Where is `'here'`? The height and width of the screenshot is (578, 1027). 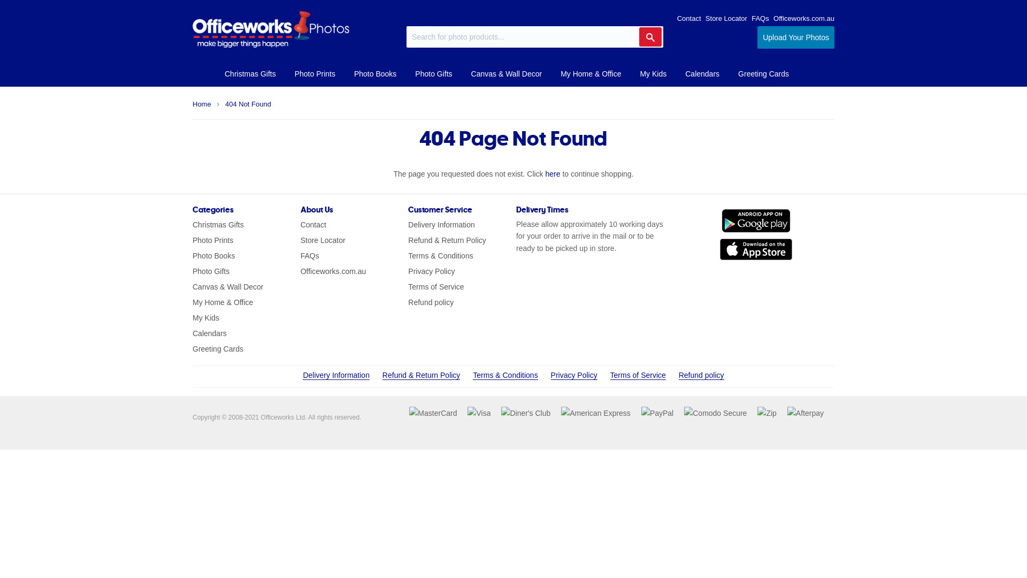
'here' is located at coordinates (553, 173).